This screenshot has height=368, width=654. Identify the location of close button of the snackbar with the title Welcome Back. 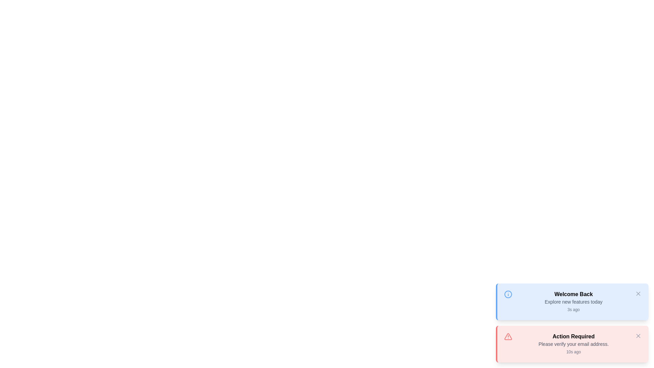
(638, 293).